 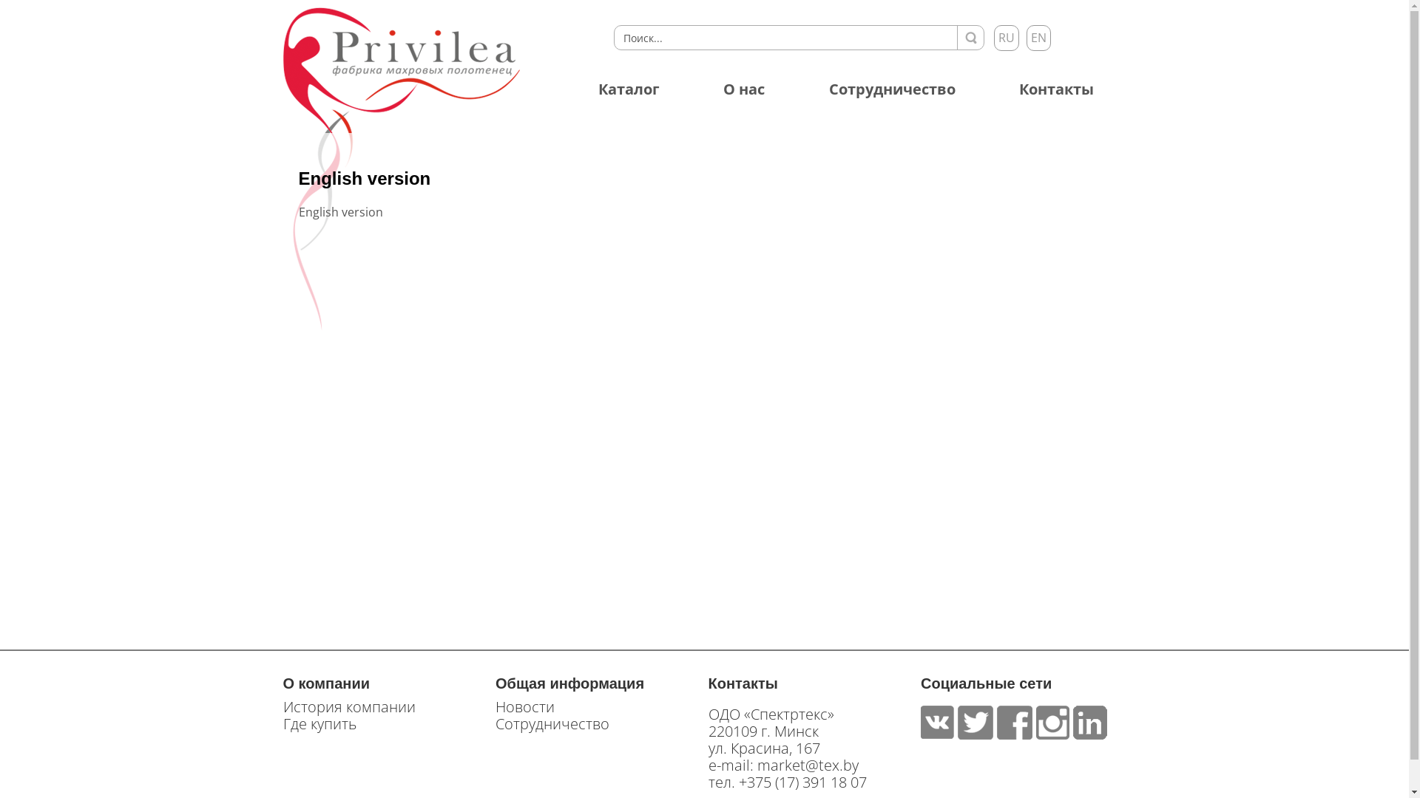 I want to click on 'RU', so click(x=1006, y=37).